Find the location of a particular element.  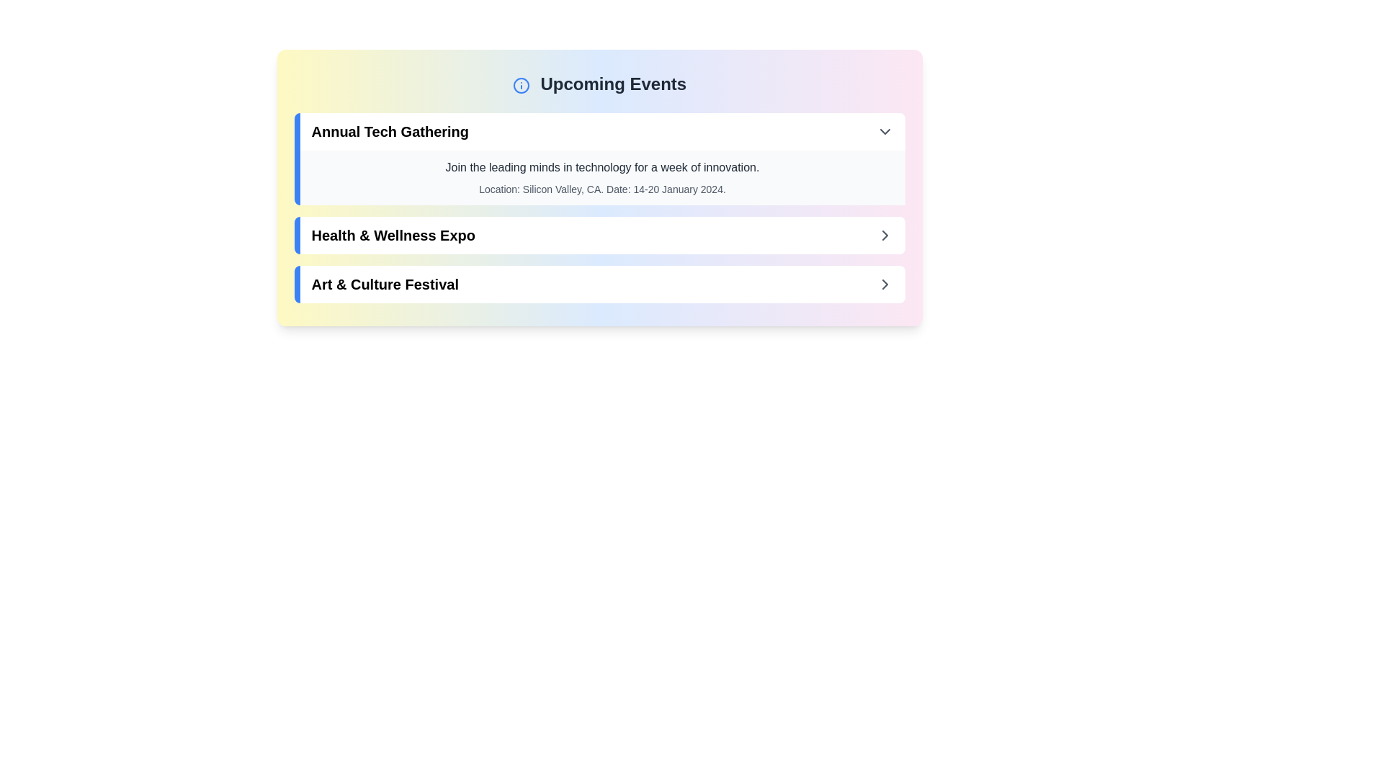

the 'Health & Wellness Expo' button-like list item in the 'Upcoming Events' section is located at coordinates (599, 235).